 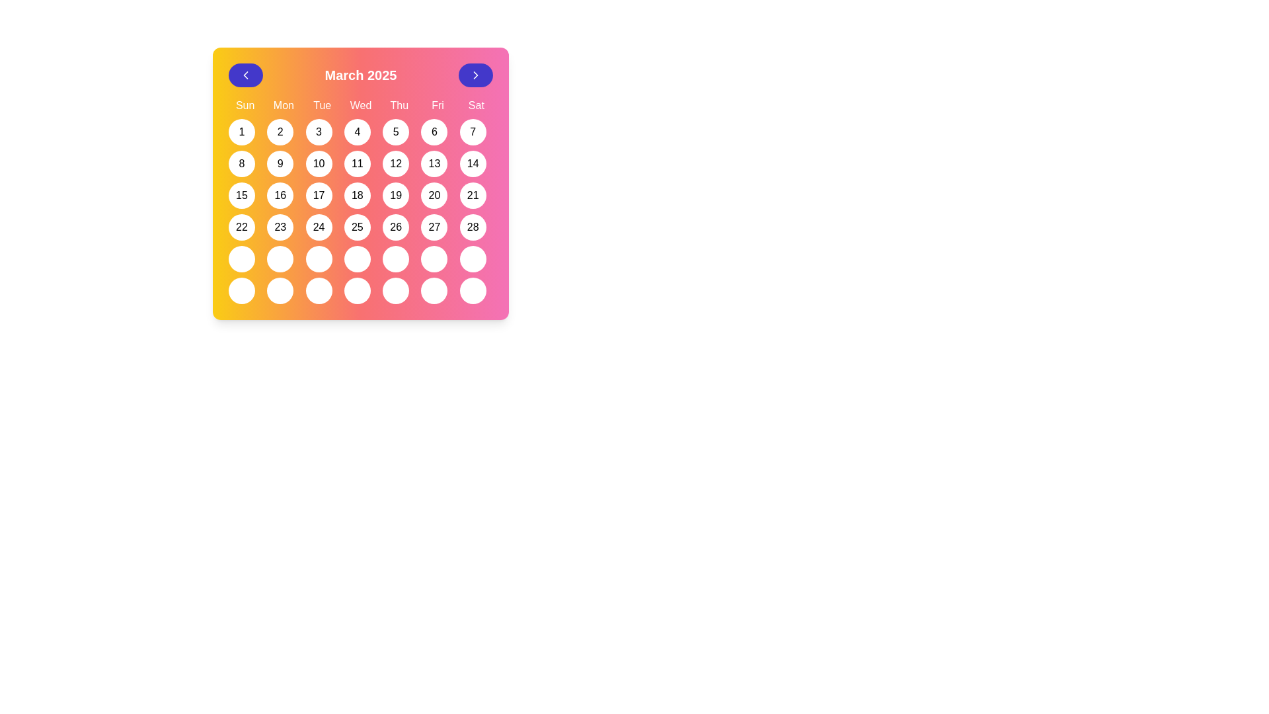 What do you see at coordinates (357, 196) in the screenshot?
I see `the circular button with a white background and black text displaying the number '18'` at bounding box center [357, 196].